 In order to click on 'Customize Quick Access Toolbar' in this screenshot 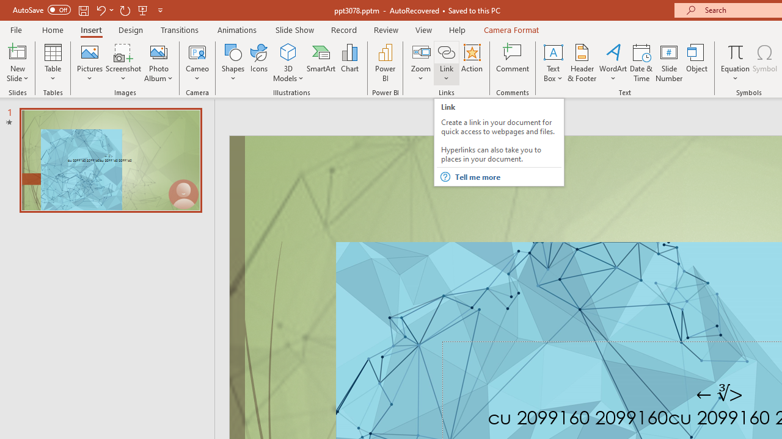, I will do `click(160, 10)`.